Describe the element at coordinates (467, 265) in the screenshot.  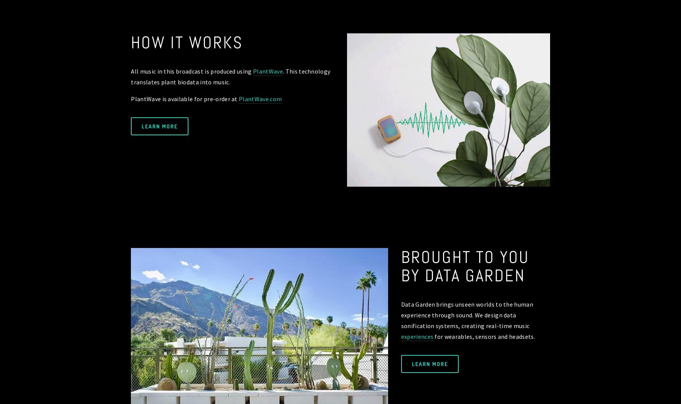
I see `'BROUGHT TO YOU BY DATA GARDEN'` at that location.